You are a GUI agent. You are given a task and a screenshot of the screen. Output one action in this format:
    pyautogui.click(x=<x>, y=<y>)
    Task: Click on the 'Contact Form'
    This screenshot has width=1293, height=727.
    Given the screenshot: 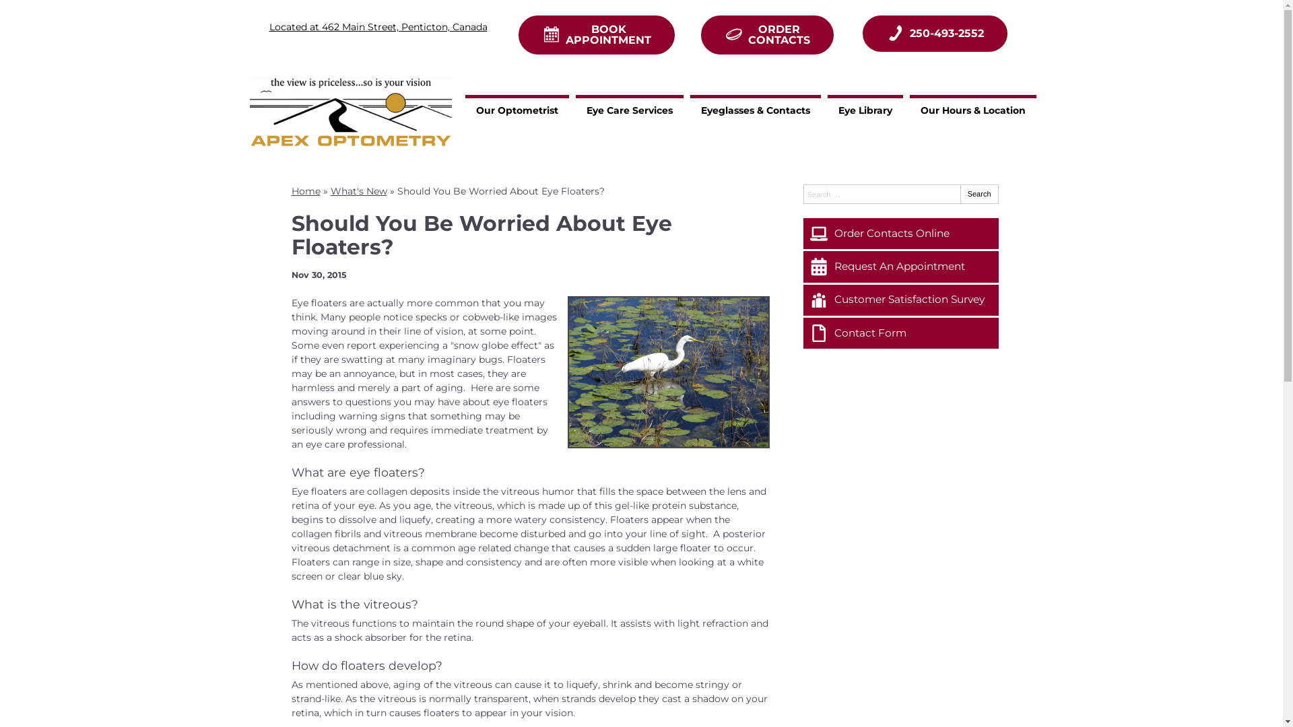 What is the action you would take?
    pyautogui.click(x=900, y=333)
    